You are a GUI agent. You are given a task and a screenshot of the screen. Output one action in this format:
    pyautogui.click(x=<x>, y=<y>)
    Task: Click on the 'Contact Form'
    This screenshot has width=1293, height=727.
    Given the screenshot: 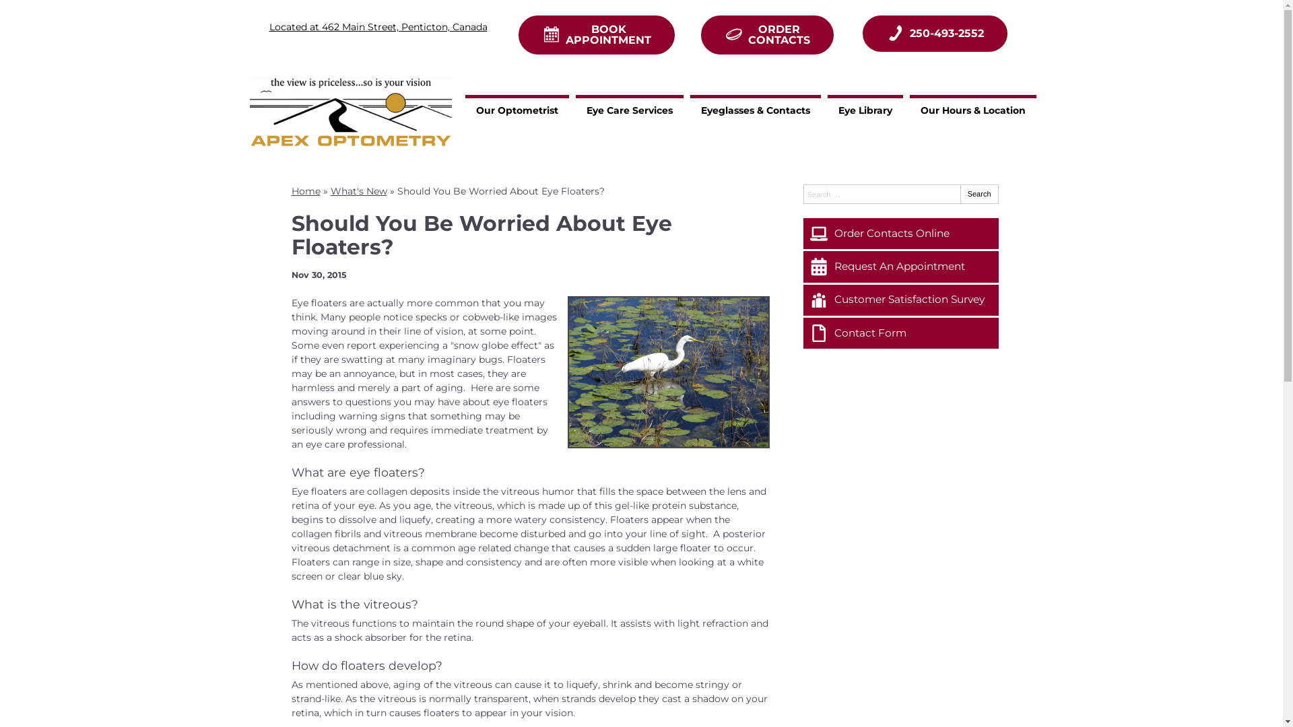 What is the action you would take?
    pyautogui.click(x=900, y=333)
    